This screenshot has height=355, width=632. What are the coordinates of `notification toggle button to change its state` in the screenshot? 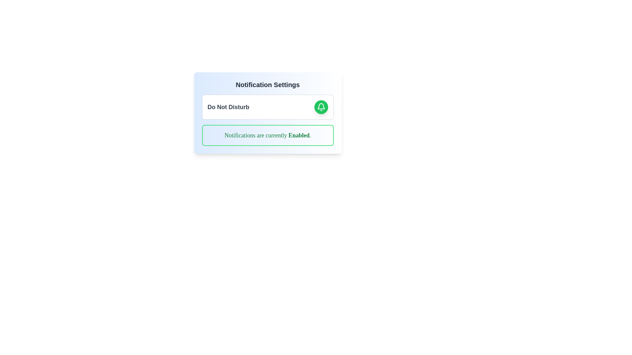 It's located at (321, 107).